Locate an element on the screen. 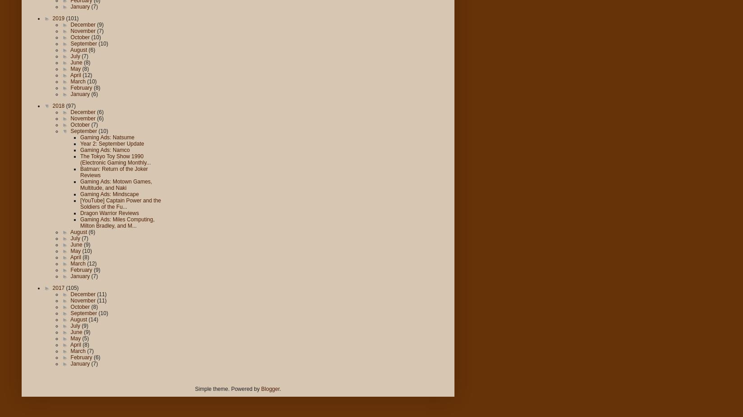 The height and width of the screenshot is (417, 743). 'Blogger' is located at coordinates (270, 389).